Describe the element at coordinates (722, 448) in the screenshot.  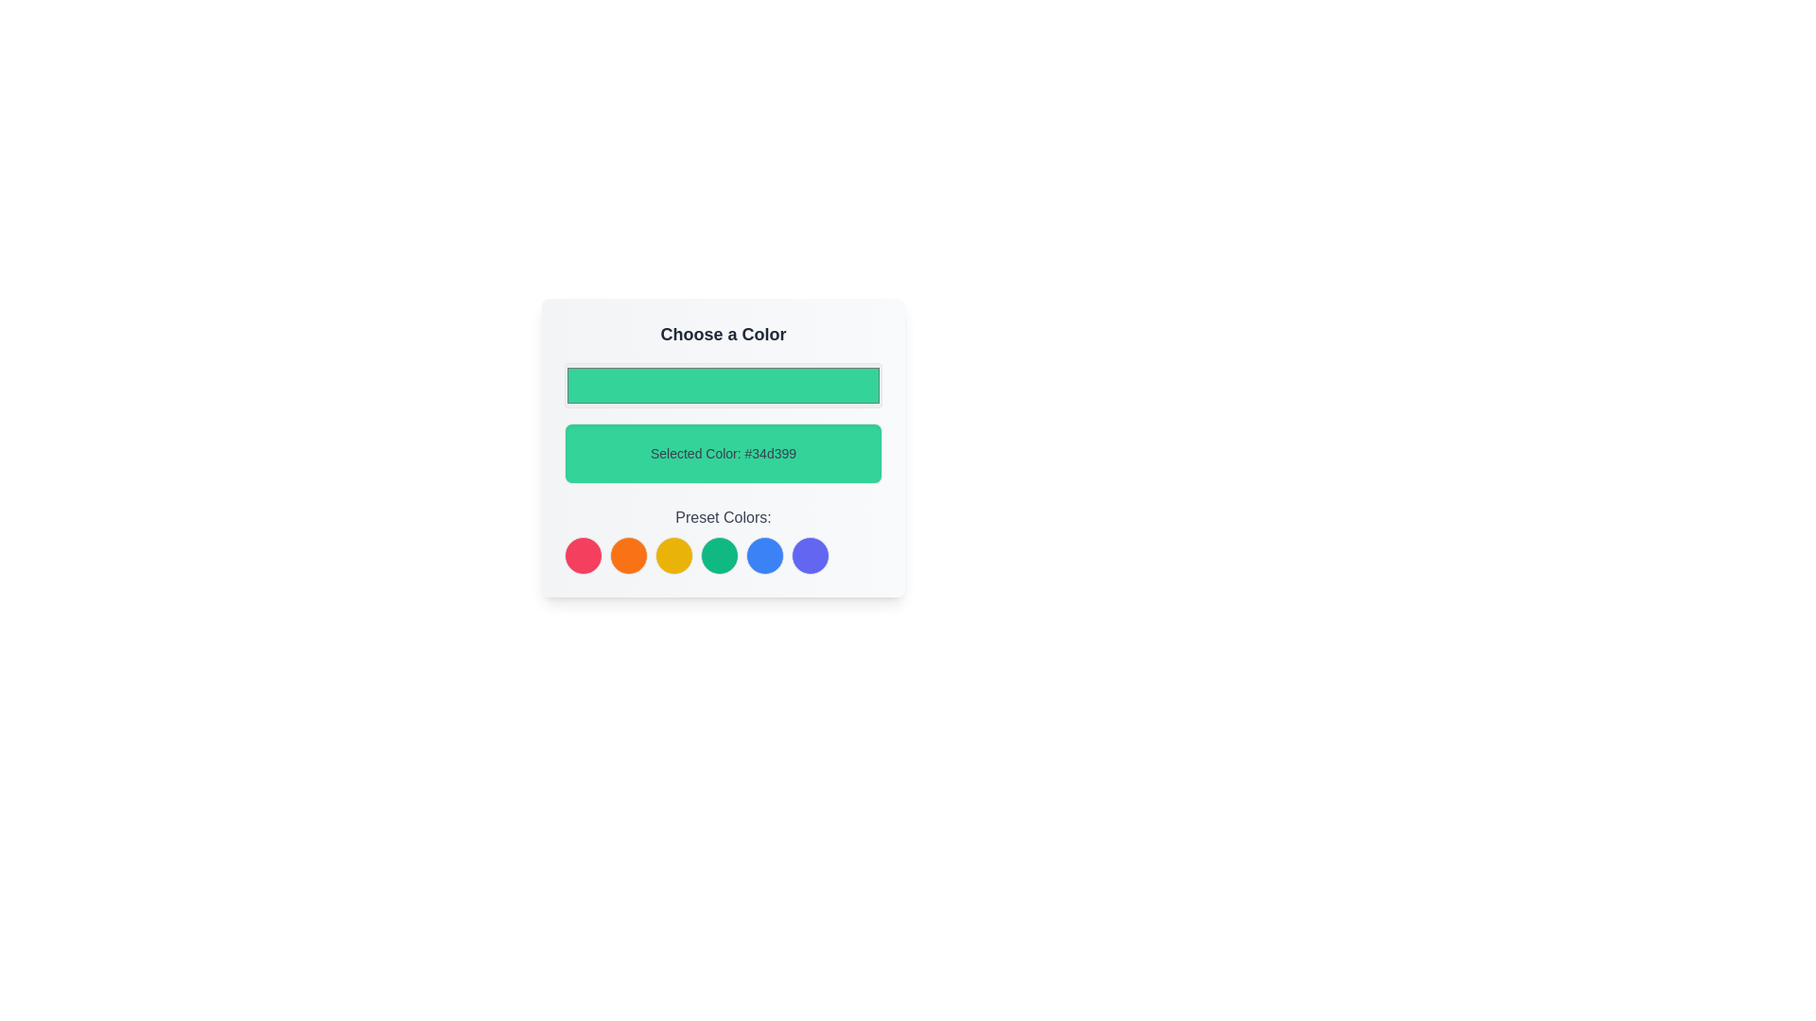
I see `the color code display box that shows the selected color '#34d399', located centrally beneath the color input box and above the row of circular color buttons` at that location.